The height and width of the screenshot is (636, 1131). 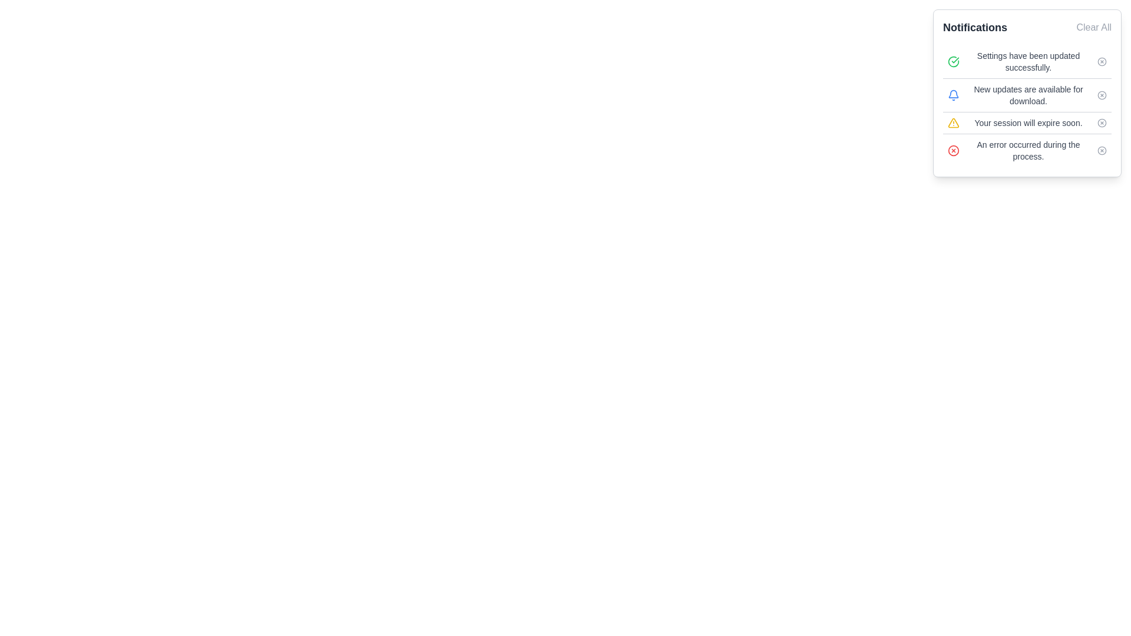 I want to click on the close button represented by a circle with a radius of 10 units, located at the top right corner of the notification panel, so click(x=1102, y=61).